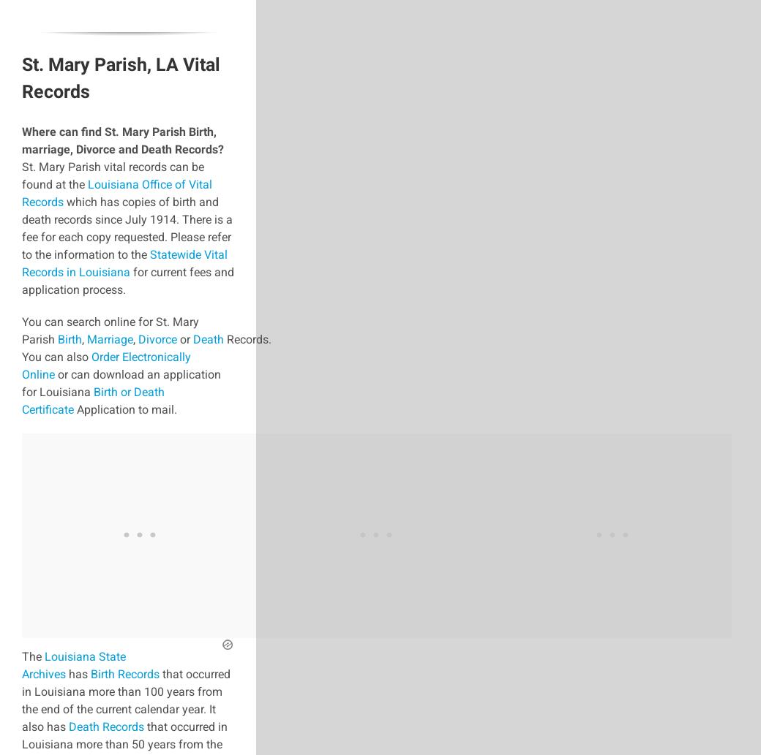 Image resolution: width=761 pixels, height=755 pixels. I want to click on 'Louisiana Office of Vital Records', so click(116, 192).